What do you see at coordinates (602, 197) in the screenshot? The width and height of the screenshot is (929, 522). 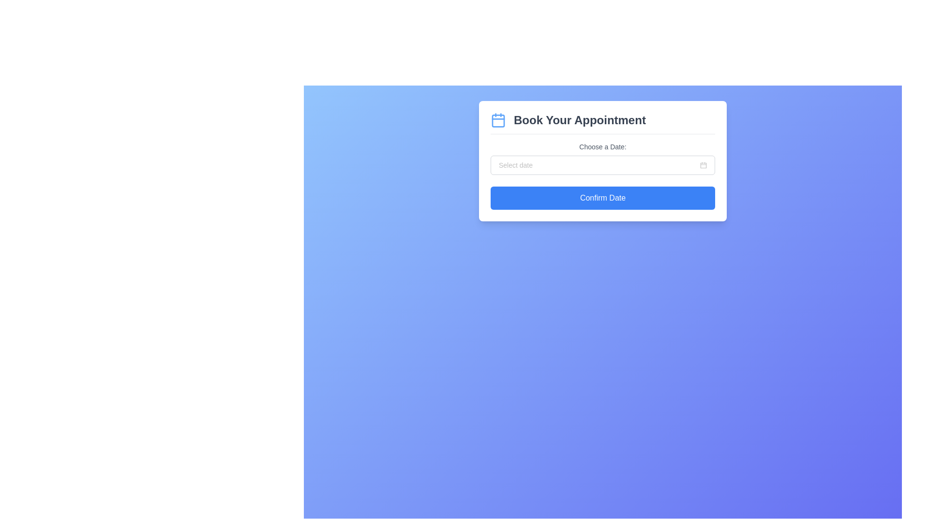 I see `the 'Confirm' button located at the bottom of the 'Book Your Appointment' card to confirm the selected date` at bounding box center [602, 197].